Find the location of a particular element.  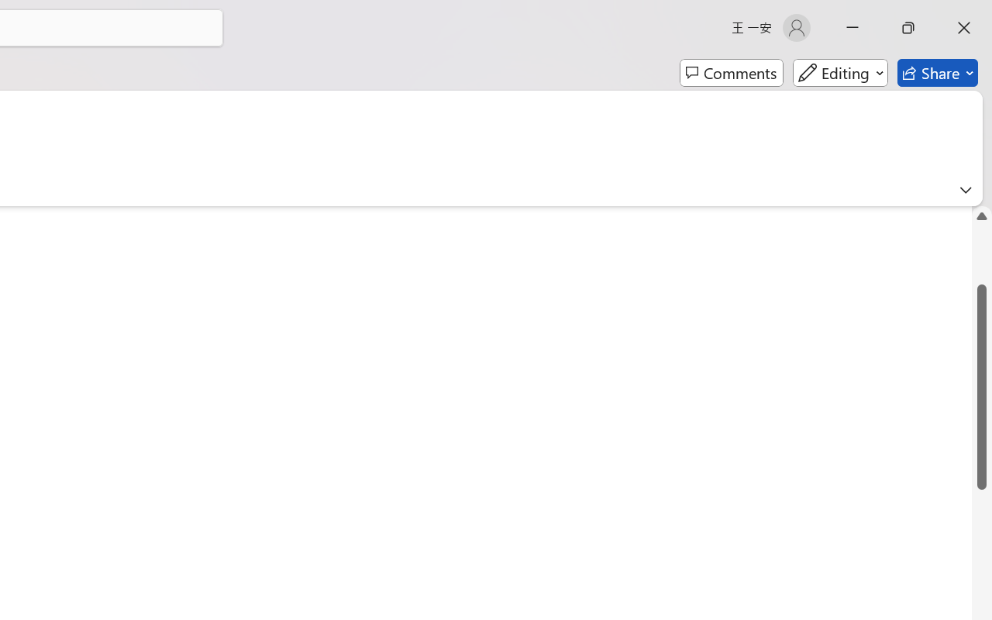

'Restore Down' is located at coordinates (908, 27).